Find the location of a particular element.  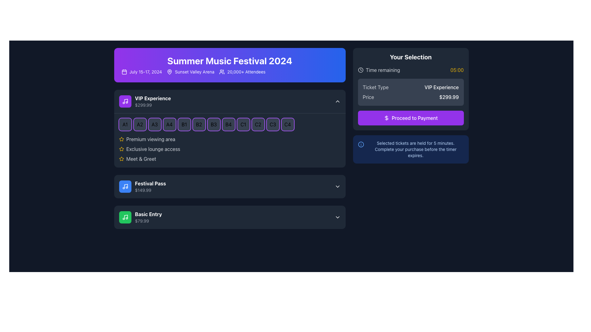

the static text element displaying the date 'July 15-17, 2024', which is styled in white on a purple background, located in the header section of the UI is located at coordinates (145, 72).